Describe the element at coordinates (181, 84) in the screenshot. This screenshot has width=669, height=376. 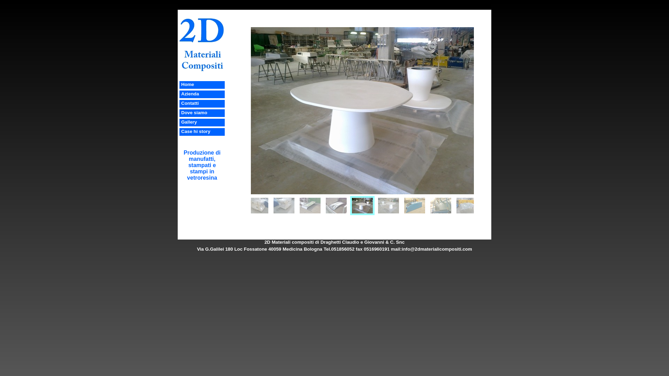
I see `'Home'` at that location.